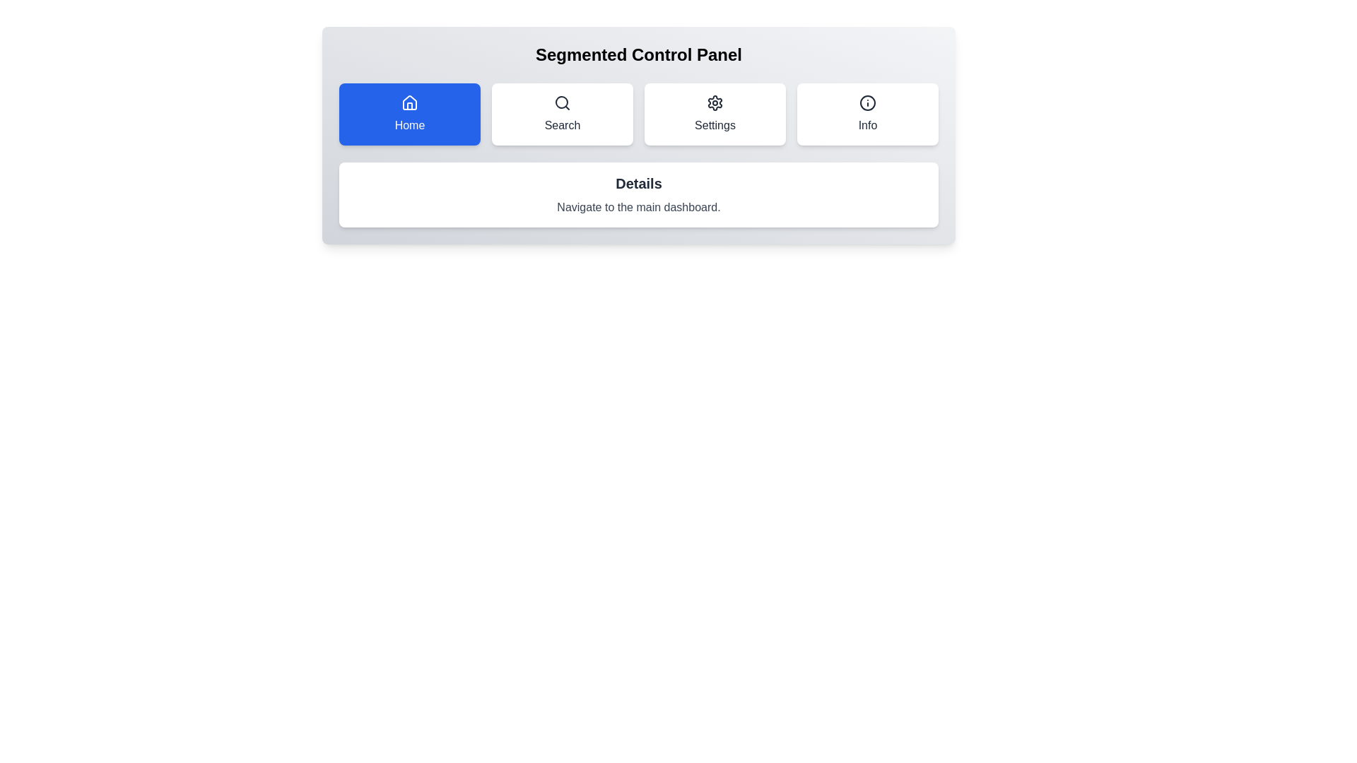 This screenshot has width=1357, height=763. Describe the element at coordinates (715, 102) in the screenshot. I see `the 'Settings' icon in the segmented control panel` at that location.